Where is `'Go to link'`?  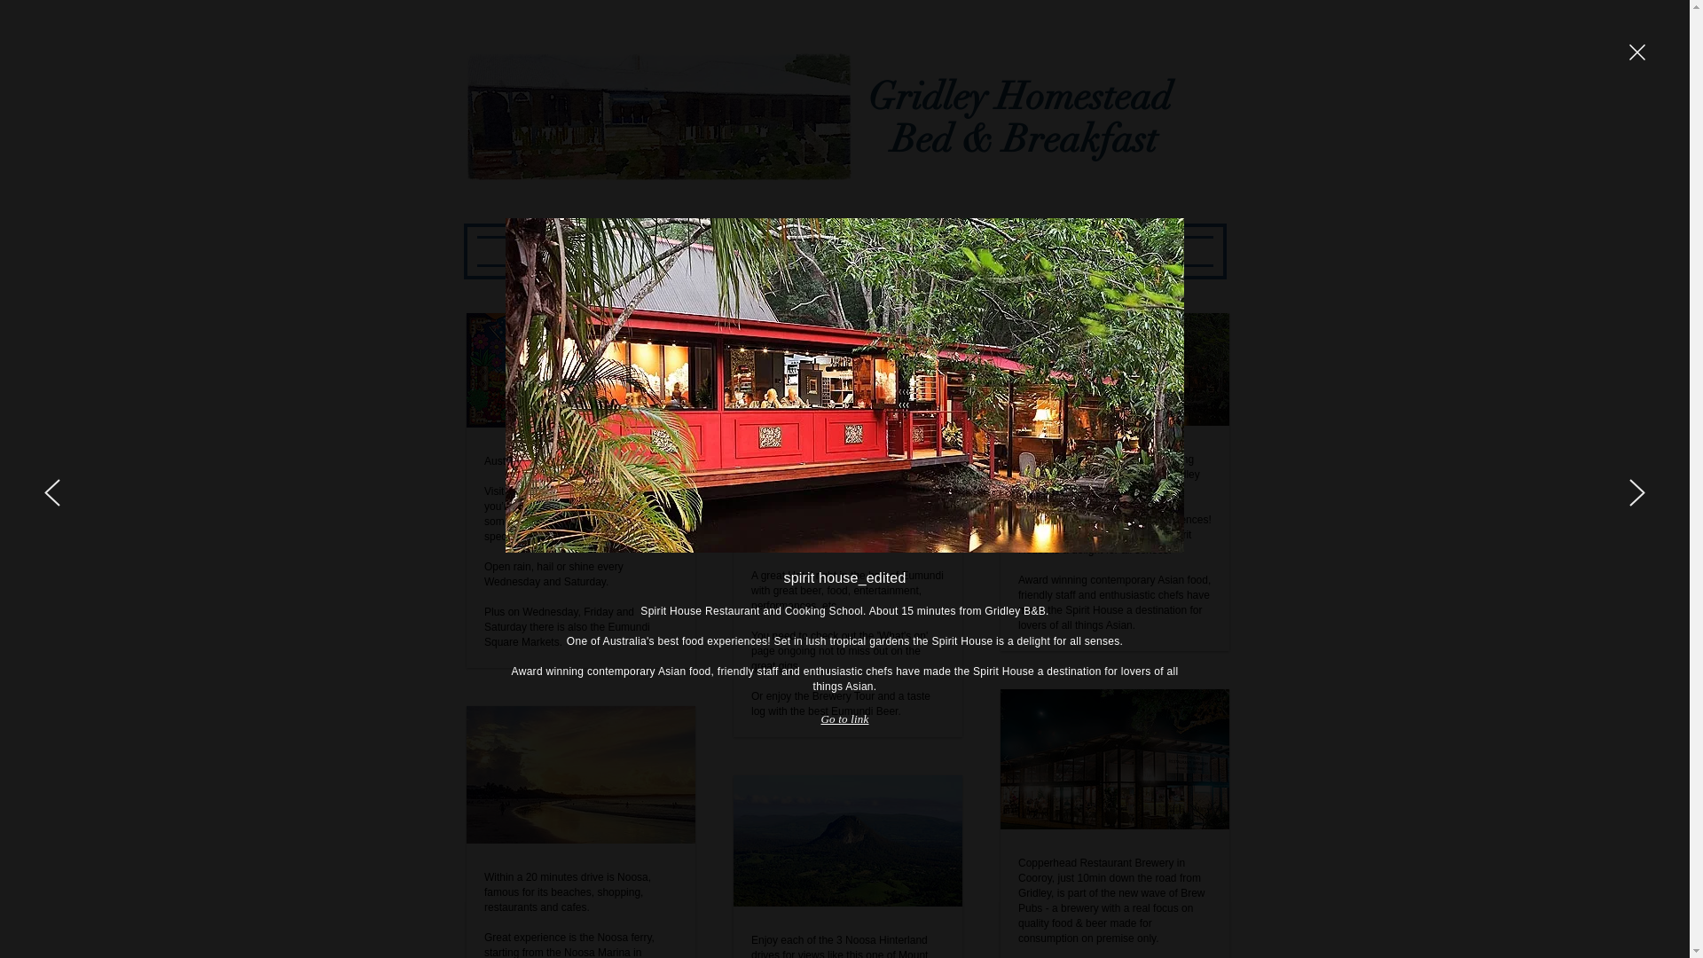
'Go to link' is located at coordinates (844, 718).